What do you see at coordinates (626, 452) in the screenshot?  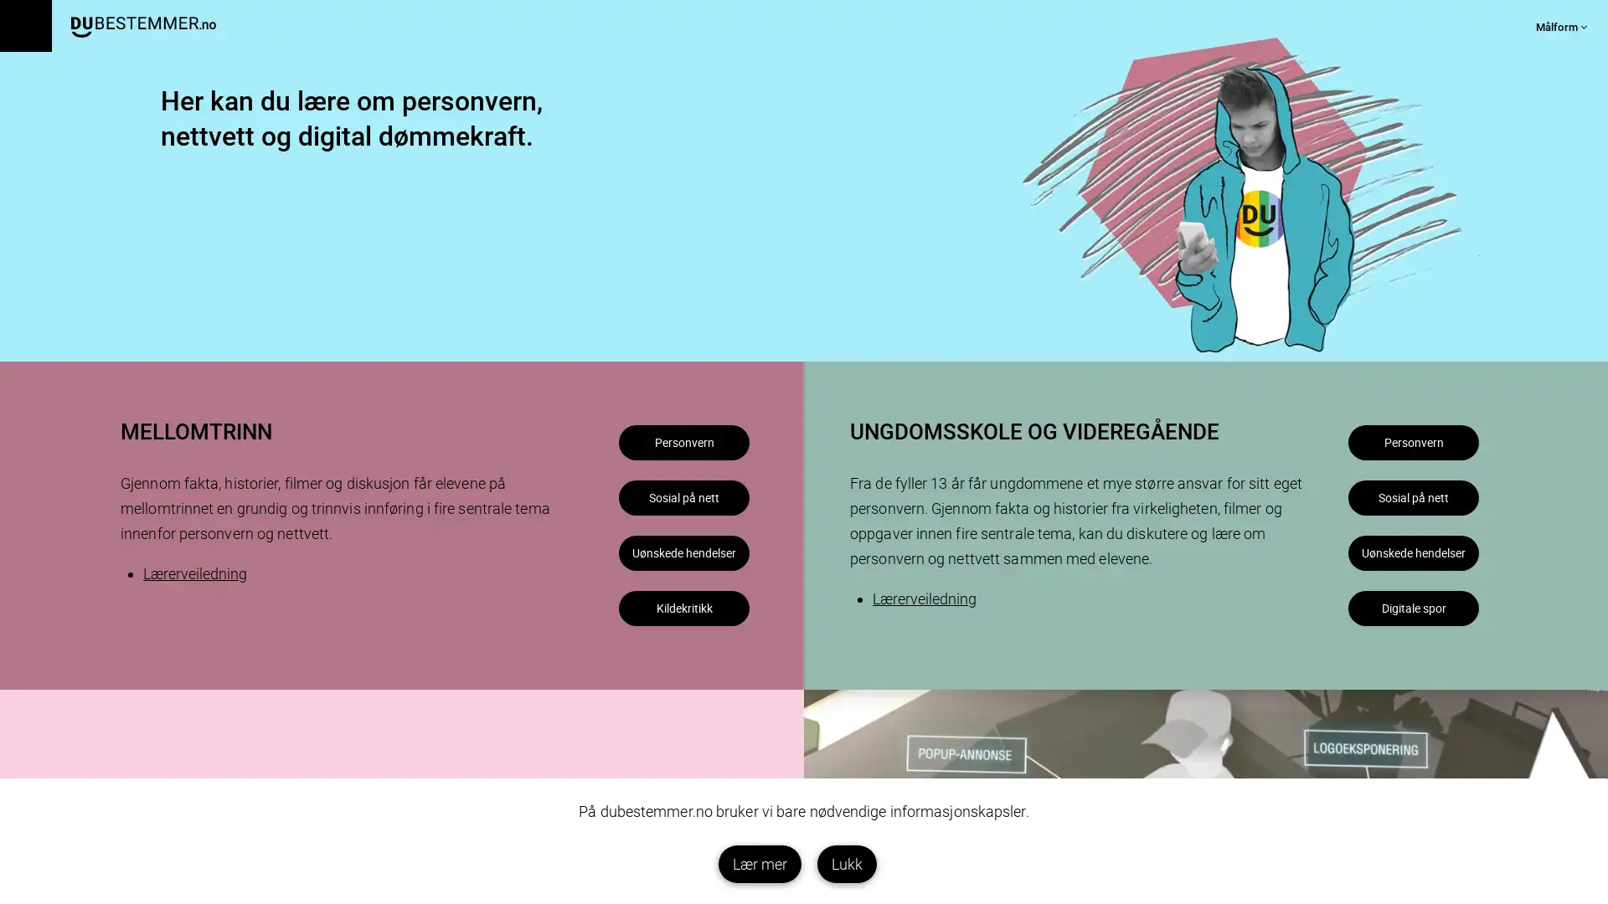 I see `Personvern` at bounding box center [626, 452].